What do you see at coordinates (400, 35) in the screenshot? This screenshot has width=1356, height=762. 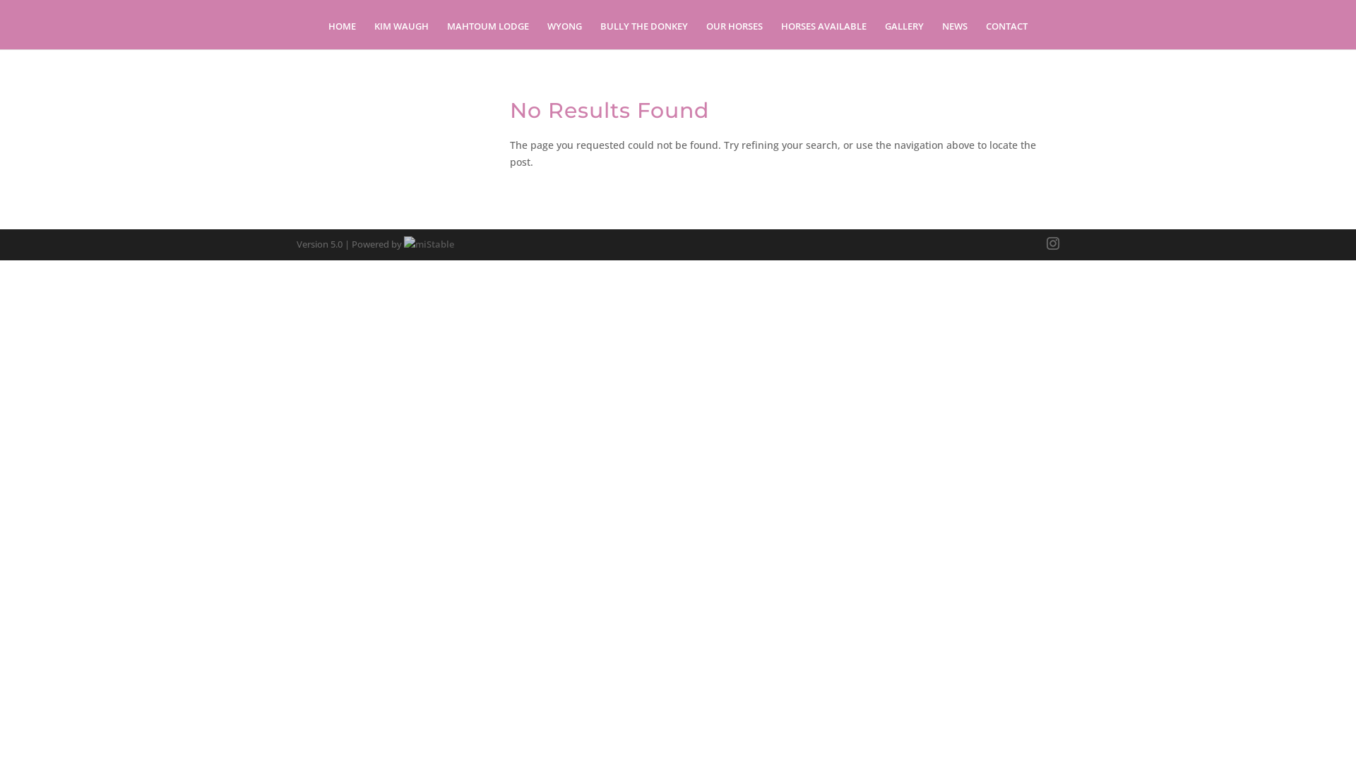 I see `'KIM WAUGH'` at bounding box center [400, 35].